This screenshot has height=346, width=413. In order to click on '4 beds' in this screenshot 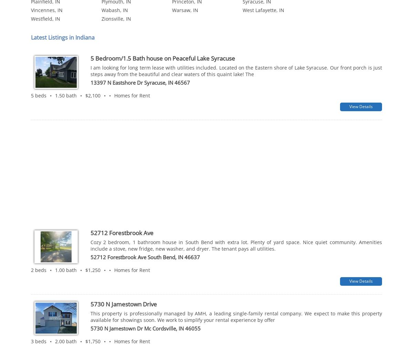, I will do `click(39, 322)`.